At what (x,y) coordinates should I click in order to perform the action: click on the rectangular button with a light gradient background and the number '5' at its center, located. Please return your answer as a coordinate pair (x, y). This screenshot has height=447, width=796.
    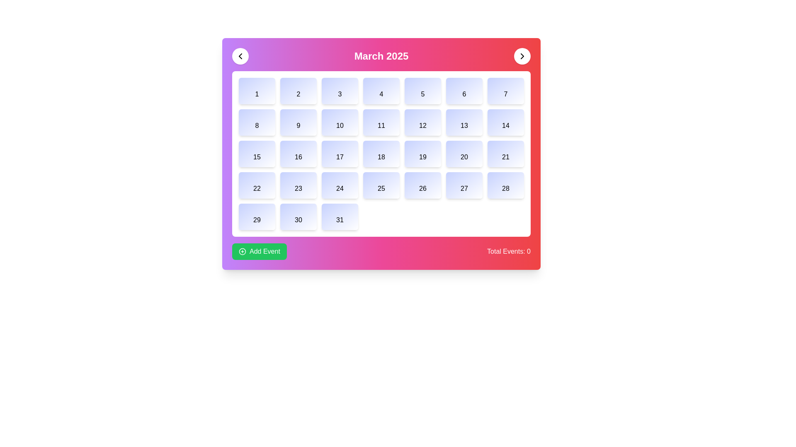
    Looking at the image, I should click on (422, 91).